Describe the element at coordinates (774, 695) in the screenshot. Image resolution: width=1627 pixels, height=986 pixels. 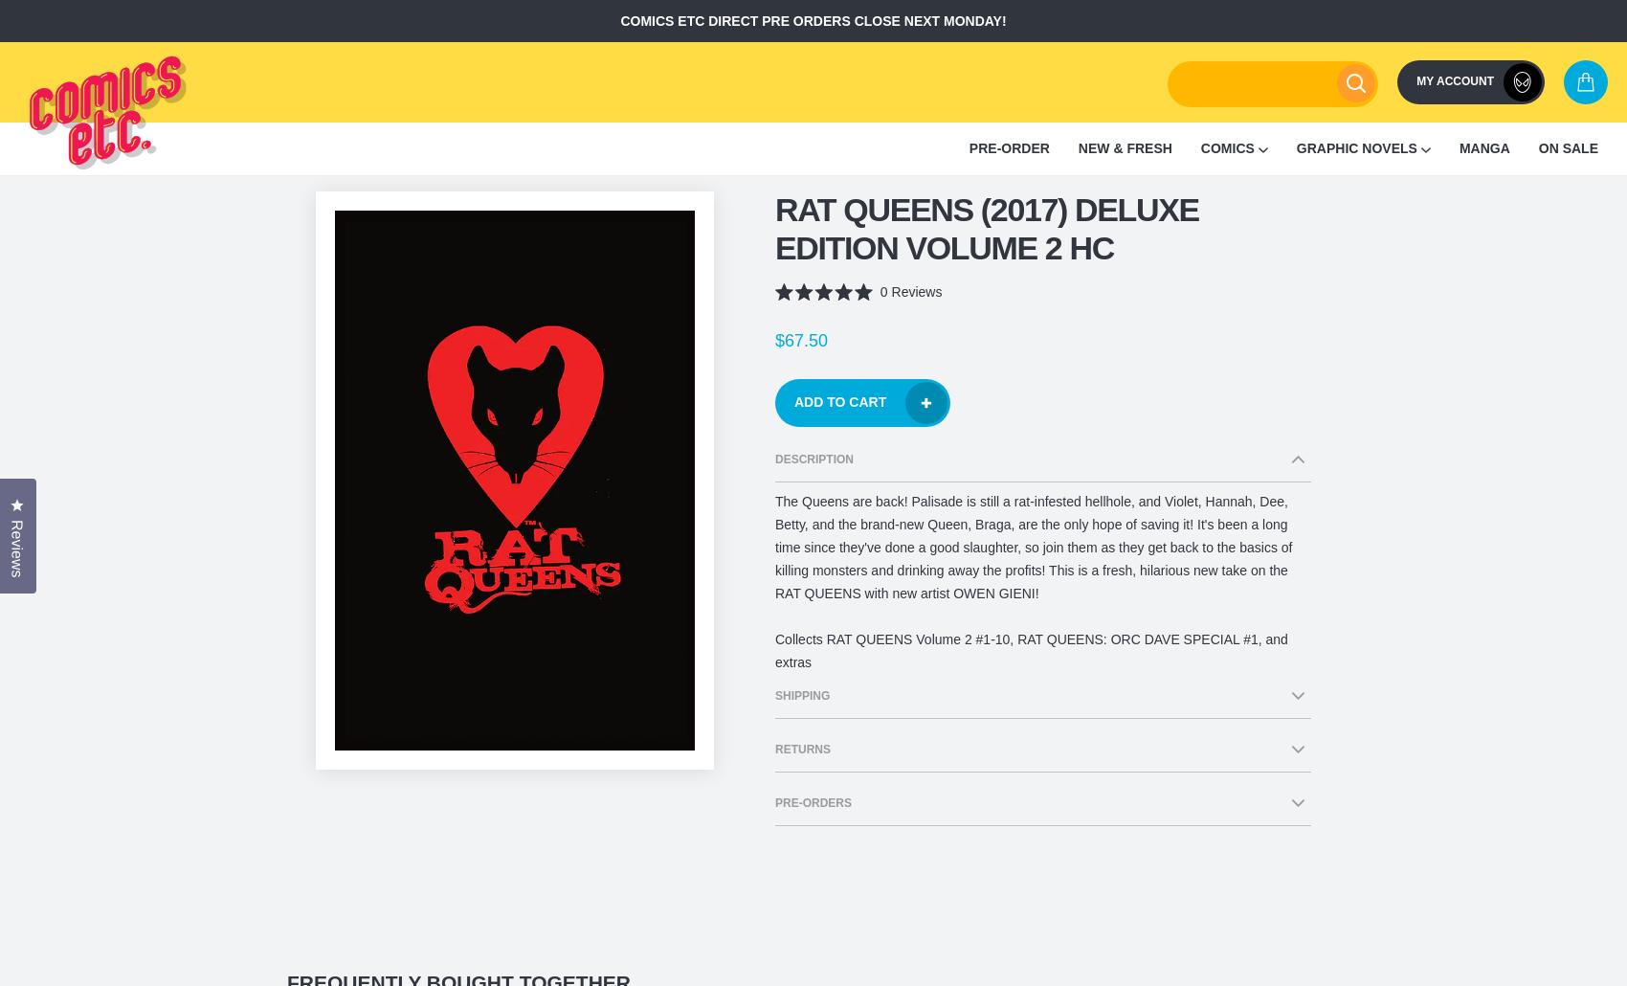
I see `'Shipping'` at that location.